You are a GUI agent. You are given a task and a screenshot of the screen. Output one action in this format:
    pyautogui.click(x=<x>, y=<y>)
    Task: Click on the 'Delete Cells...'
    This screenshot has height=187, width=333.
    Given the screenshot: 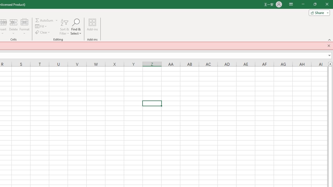 What is the action you would take?
    pyautogui.click(x=13, y=22)
    